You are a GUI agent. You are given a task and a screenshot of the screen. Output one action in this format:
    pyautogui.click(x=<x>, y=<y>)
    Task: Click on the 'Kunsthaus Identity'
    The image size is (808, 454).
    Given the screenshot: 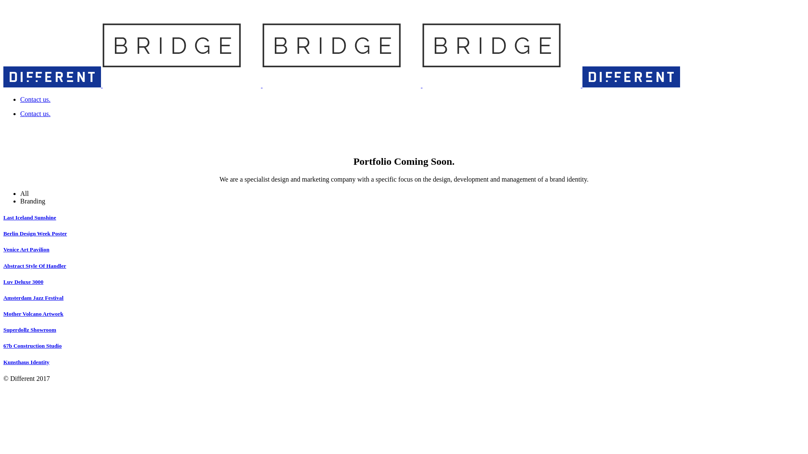 What is the action you would take?
    pyautogui.click(x=26, y=362)
    